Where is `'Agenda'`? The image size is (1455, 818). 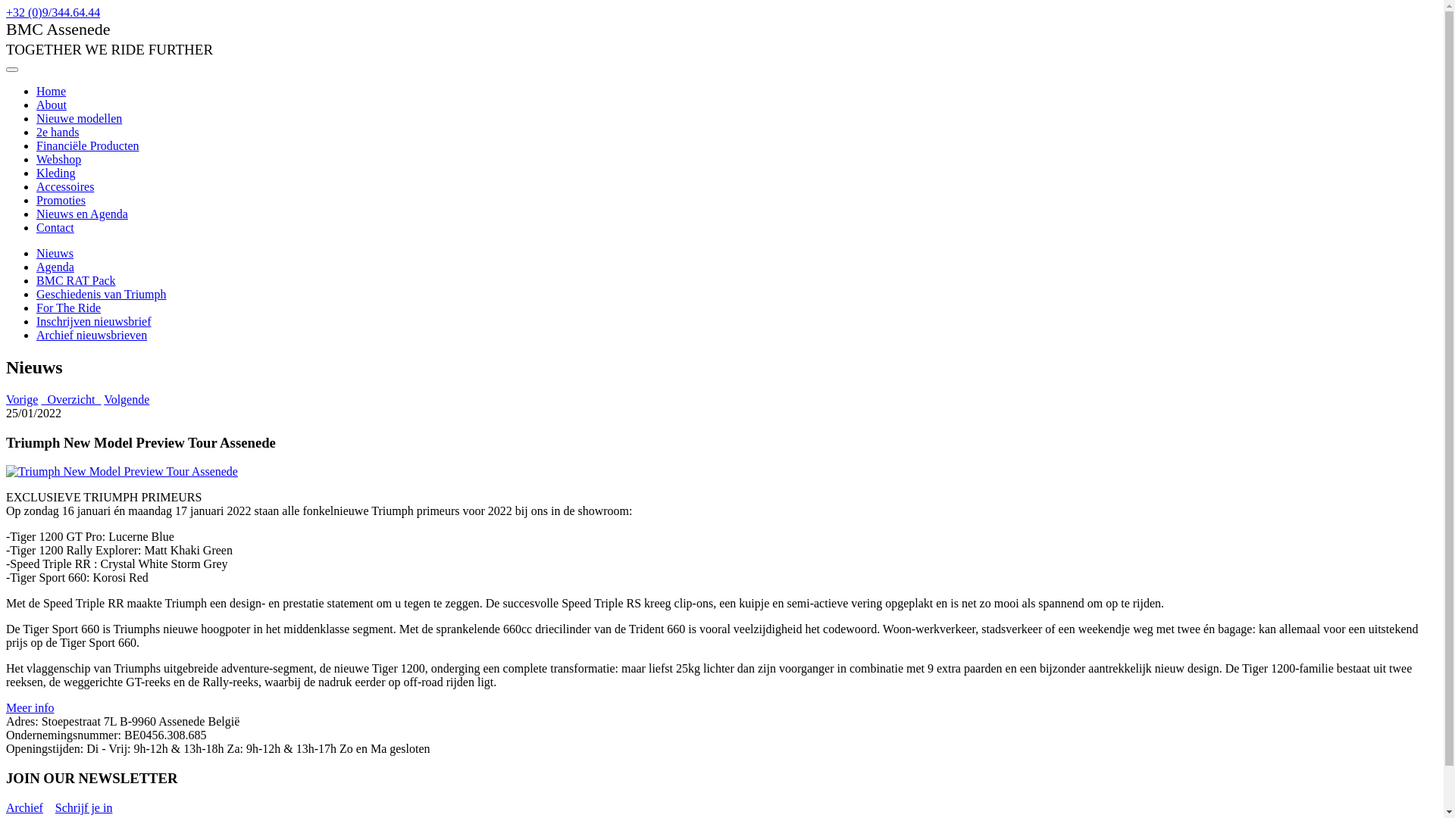
'Agenda' is located at coordinates (55, 266).